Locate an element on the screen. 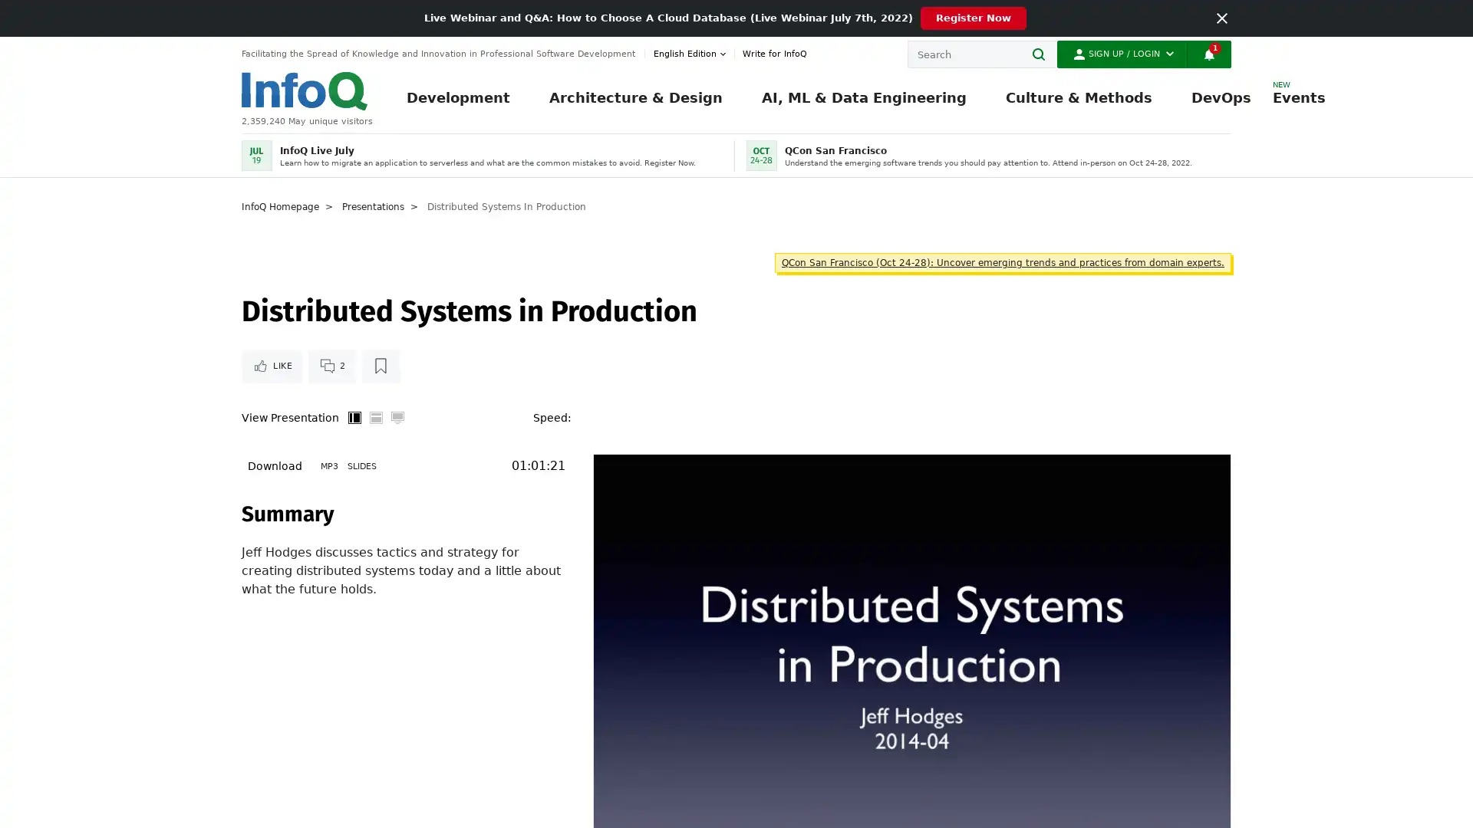 This screenshot has width=1473, height=828. Like is located at coordinates (272, 373).